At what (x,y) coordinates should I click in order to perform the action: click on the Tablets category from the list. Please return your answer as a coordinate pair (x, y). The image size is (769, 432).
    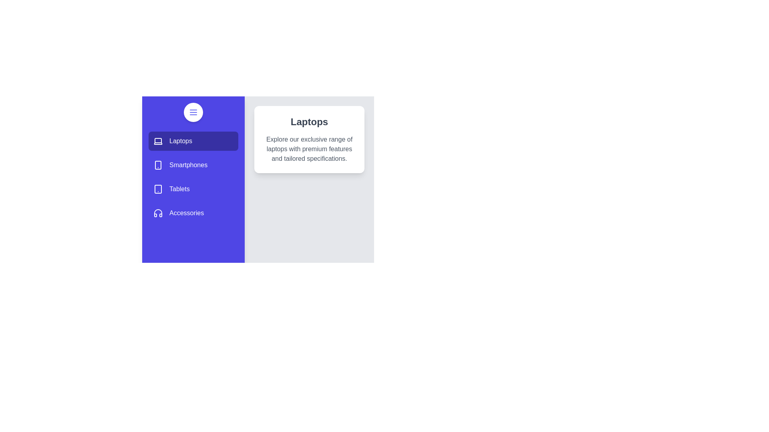
    Looking at the image, I should click on (193, 189).